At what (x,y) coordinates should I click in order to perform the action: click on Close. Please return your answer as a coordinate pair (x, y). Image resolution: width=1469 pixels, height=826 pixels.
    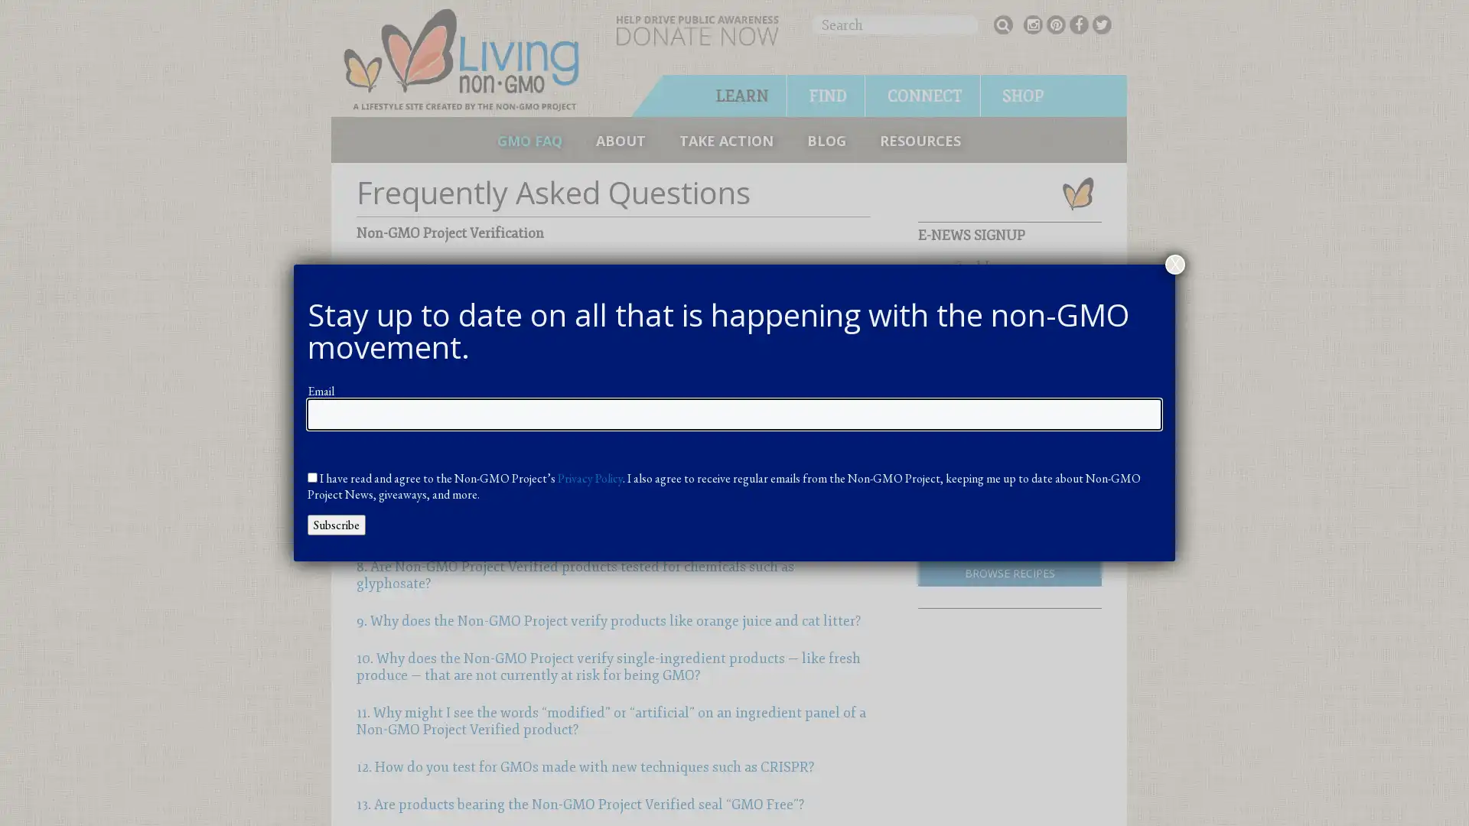
    Looking at the image, I should click on (1443, 708).